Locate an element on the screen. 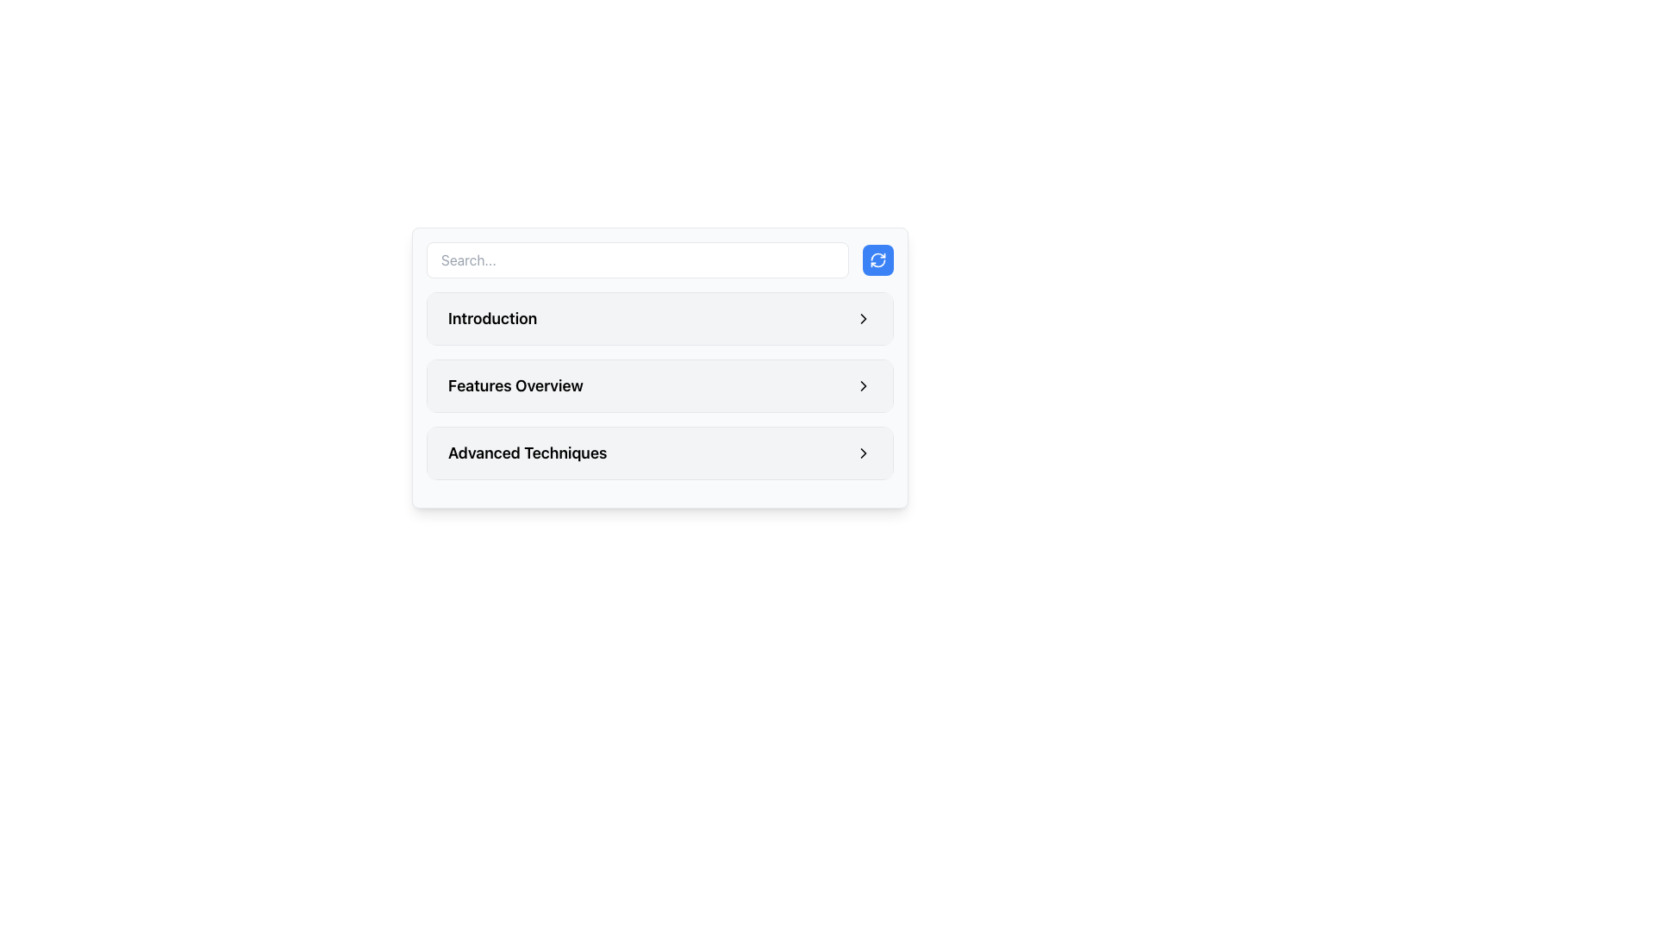 Image resolution: width=1655 pixels, height=931 pixels. the refresh button located to the right of the 'Search...' text input field is located at coordinates (877, 259).